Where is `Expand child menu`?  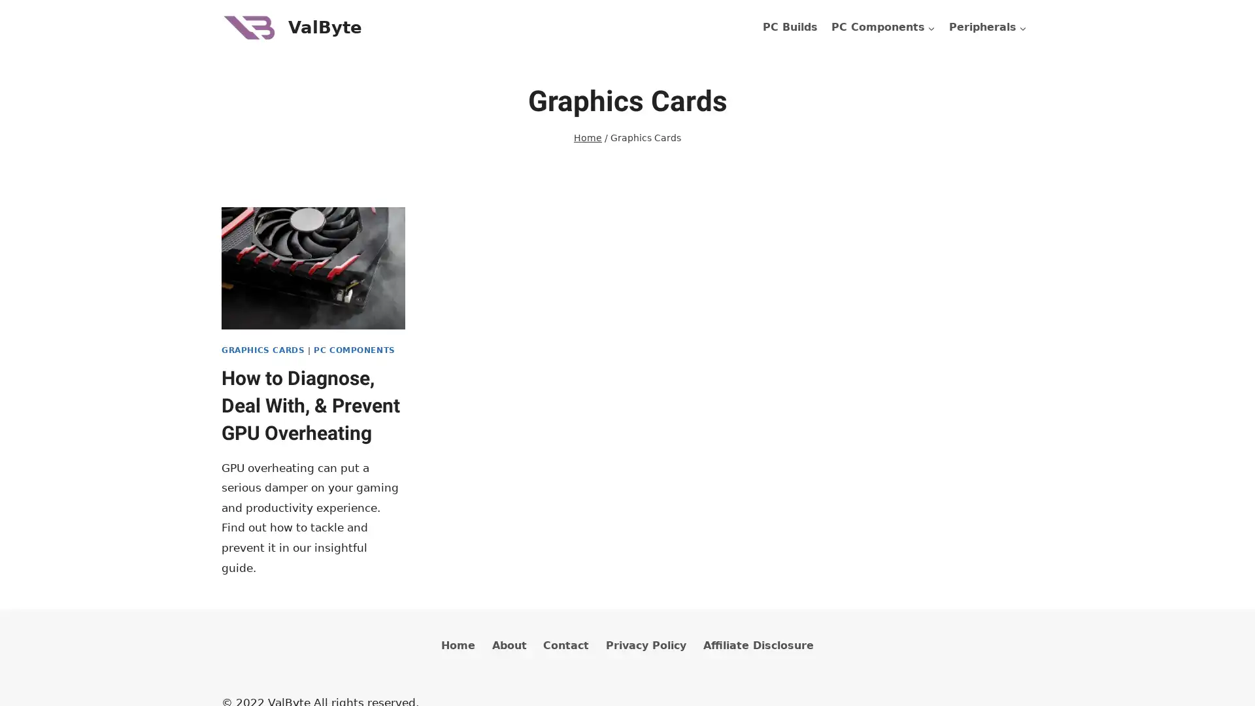
Expand child menu is located at coordinates (882, 27).